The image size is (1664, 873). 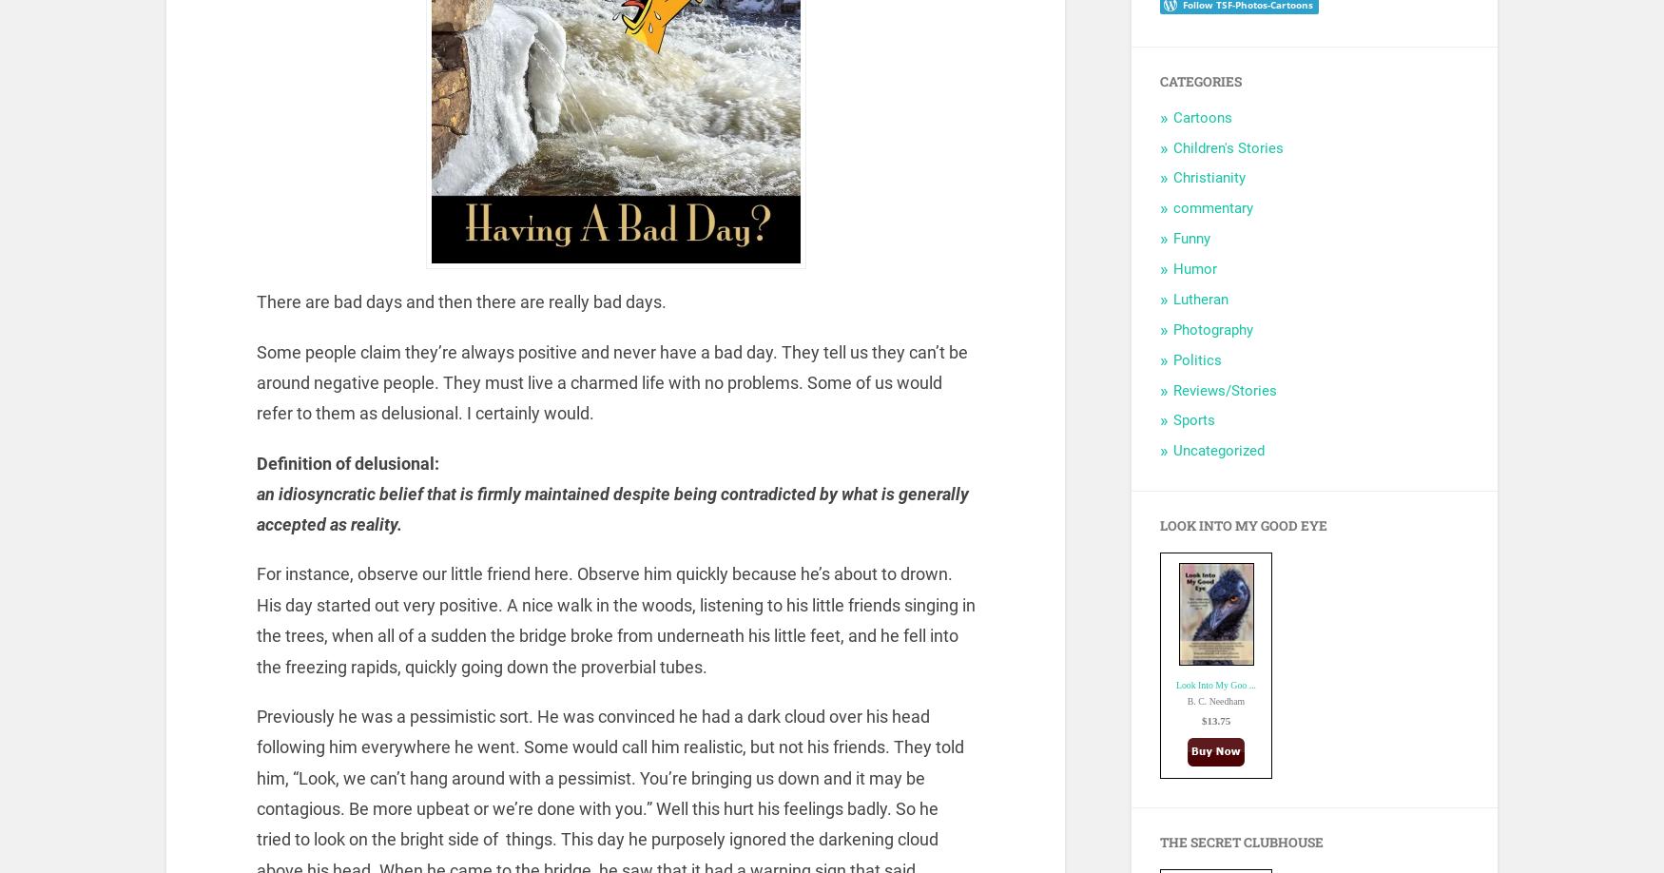 What do you see at coordinates (1214, 699) in the screenshot?
I see `'B. C. Needham'` at bounding box center [1214, 699].